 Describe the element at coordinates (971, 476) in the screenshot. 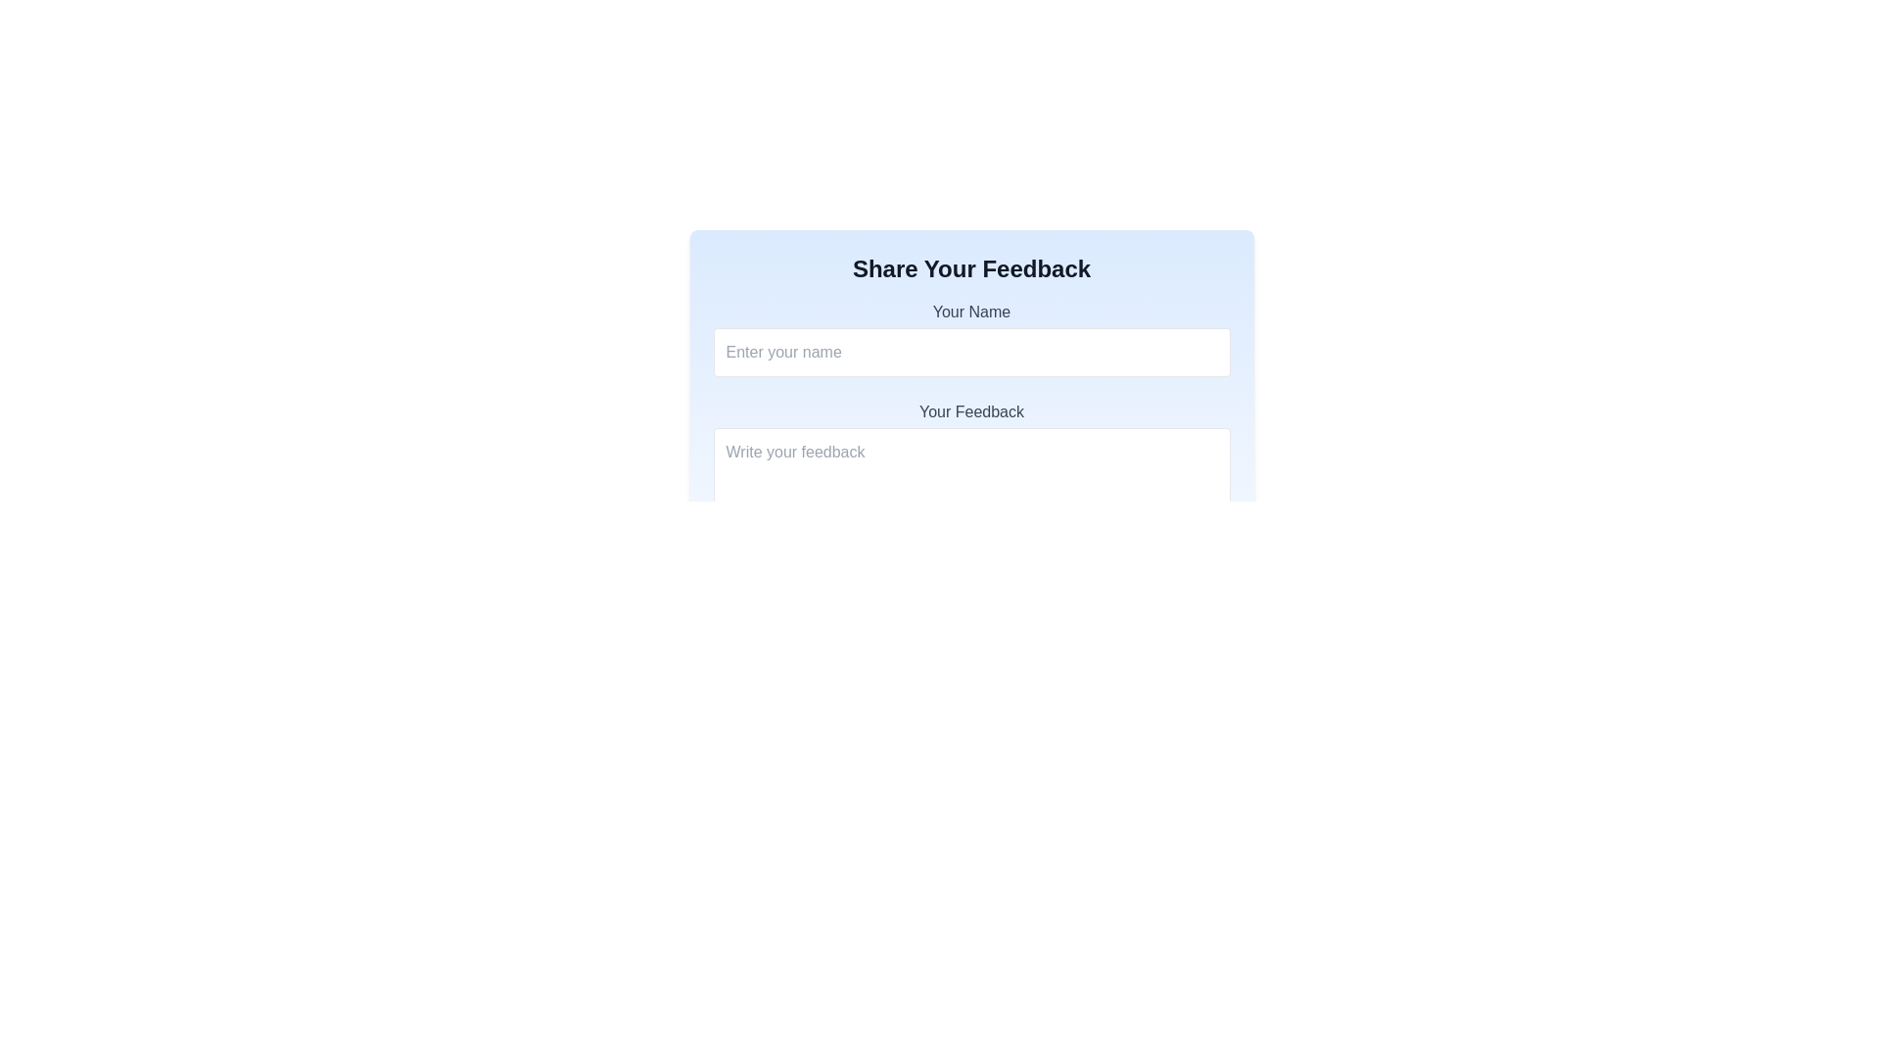

I see `the cursor` at that location.